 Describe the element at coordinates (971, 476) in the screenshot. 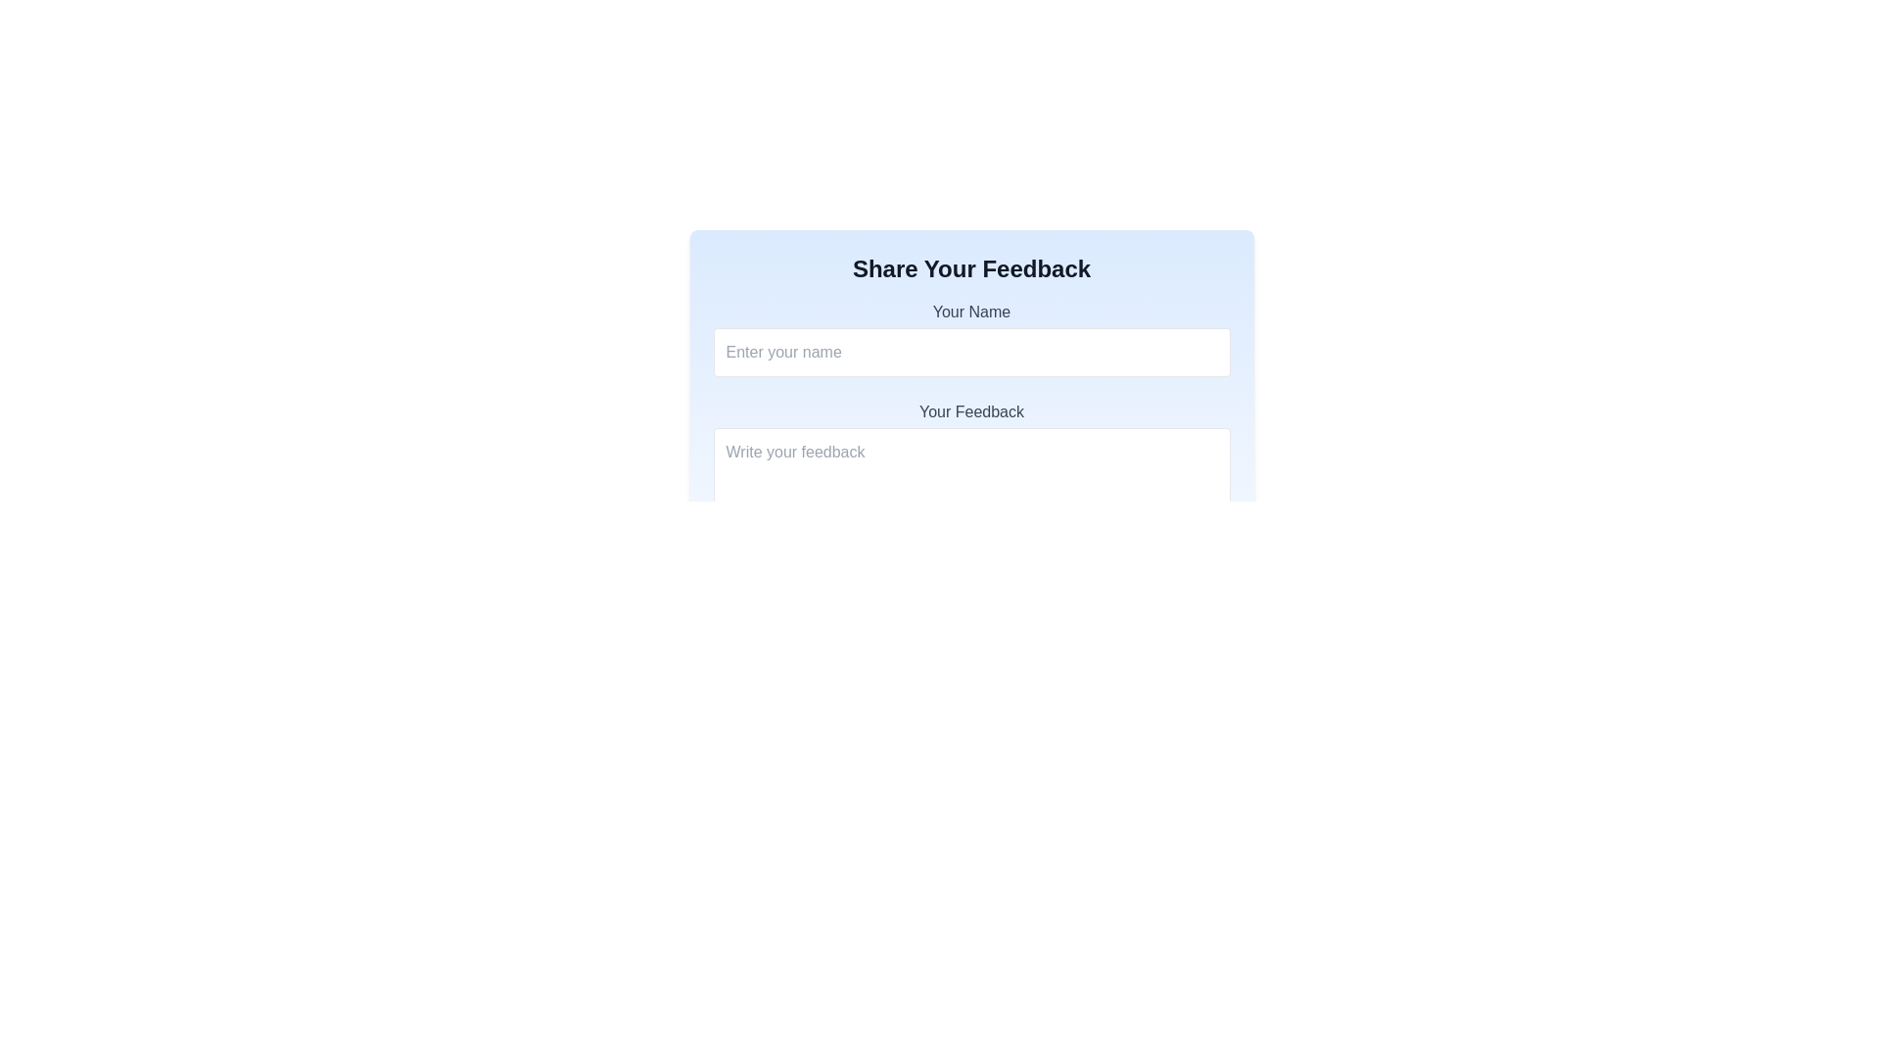

I see `the cursor` at that location.